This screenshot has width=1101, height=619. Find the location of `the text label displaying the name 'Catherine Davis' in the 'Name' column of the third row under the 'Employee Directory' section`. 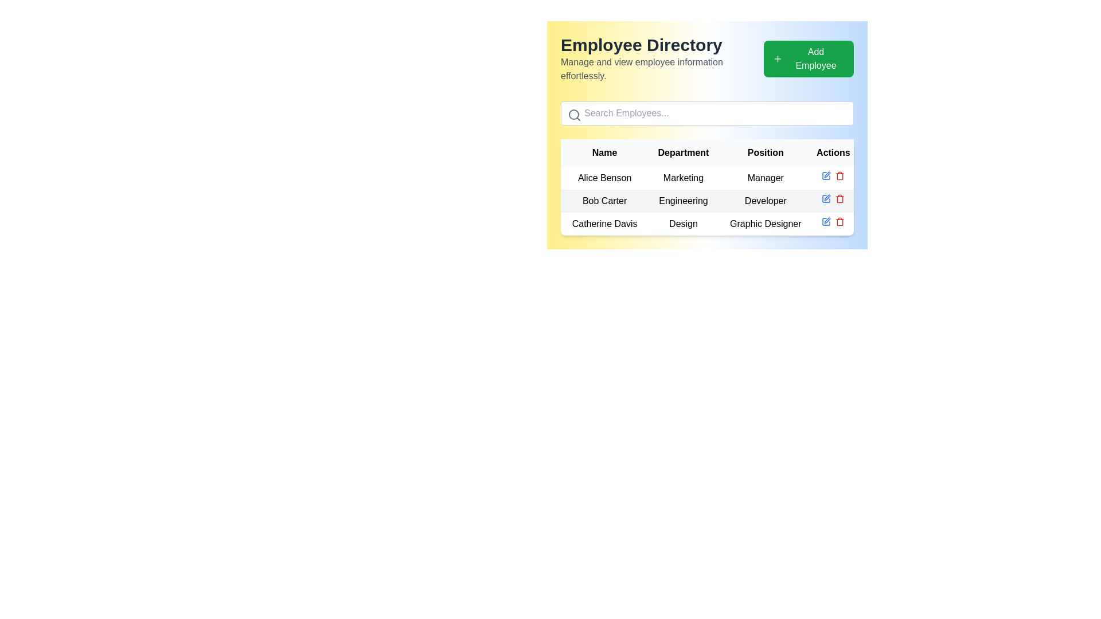

the text label displaying the name 'Catherine Davis' in the 'Name' column of the third row under the 'Employee Directory' section is located at coordinates (604, 224).